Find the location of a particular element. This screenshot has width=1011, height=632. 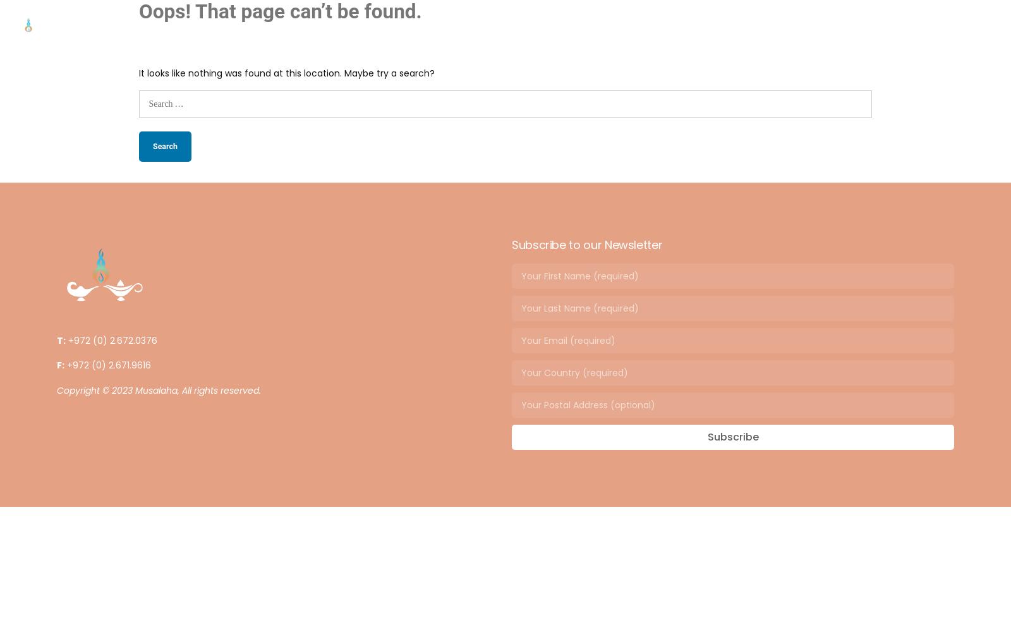

'ABOUT MUSALAHA' is located at coordinates (437, 28).